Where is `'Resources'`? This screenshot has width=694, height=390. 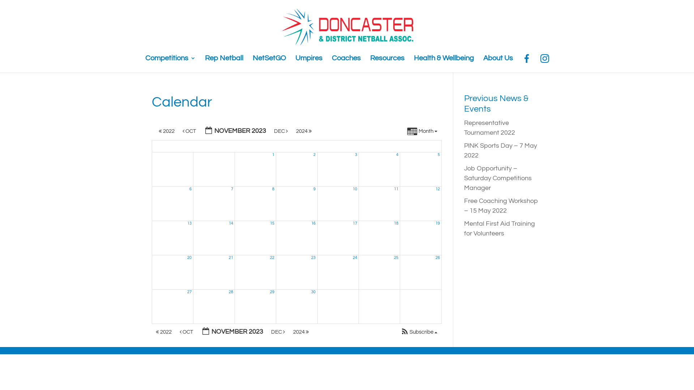
'Resources' is located at coordinates (387, 62).